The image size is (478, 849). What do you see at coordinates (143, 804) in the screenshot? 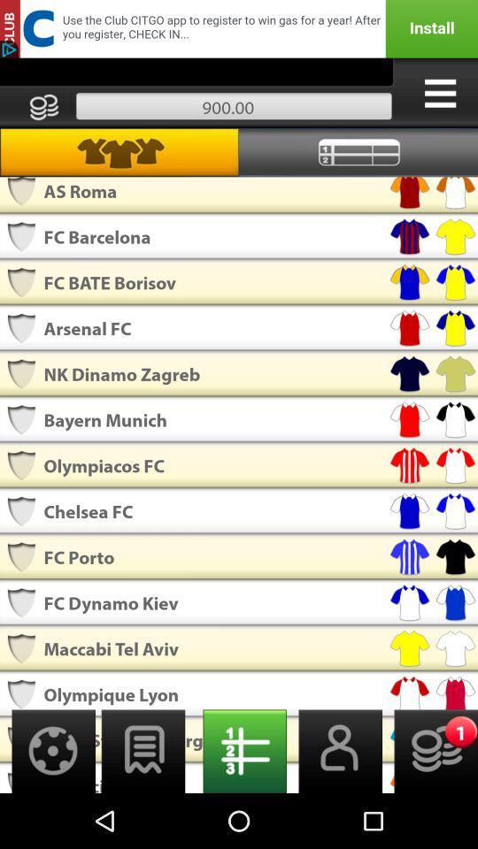
I see `the chat icon` at bounding box center [143, 804].